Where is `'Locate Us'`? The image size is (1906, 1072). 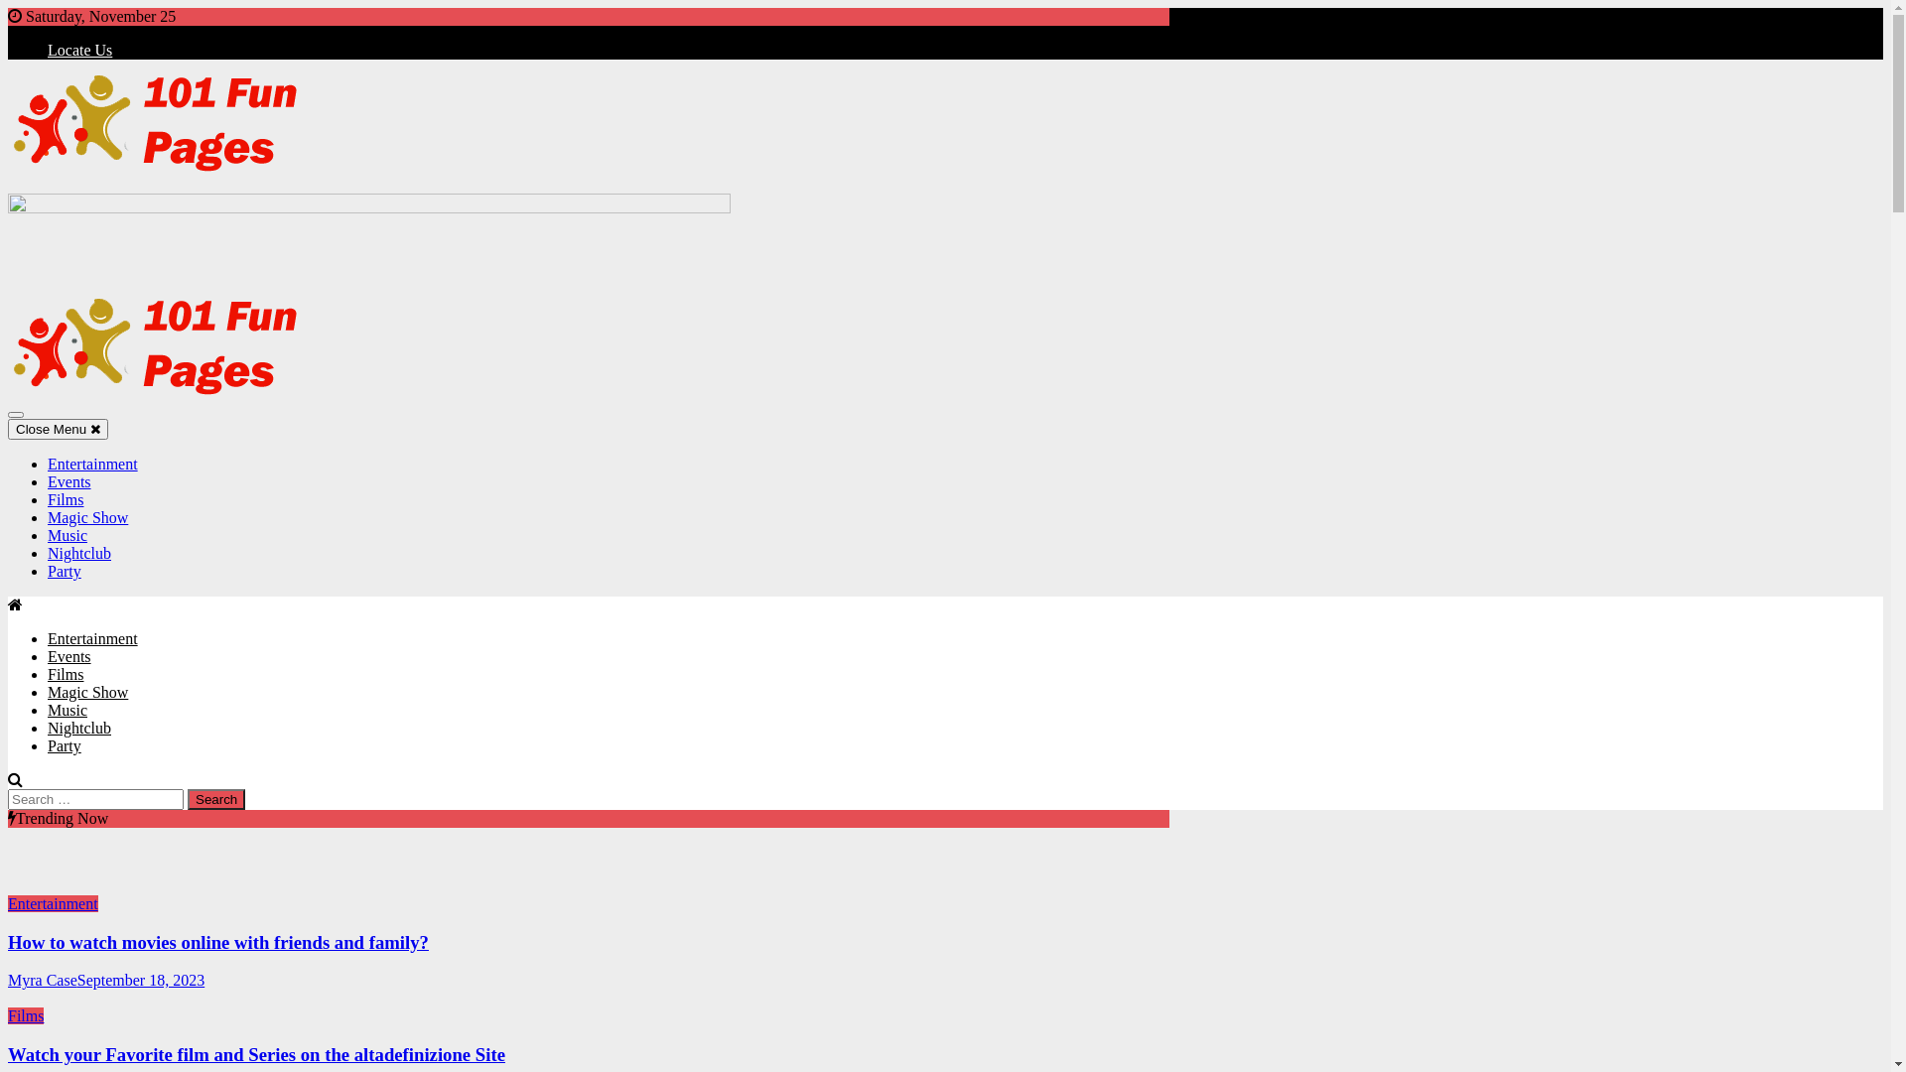
'Locate Us' is located at coordinates (79, 49).